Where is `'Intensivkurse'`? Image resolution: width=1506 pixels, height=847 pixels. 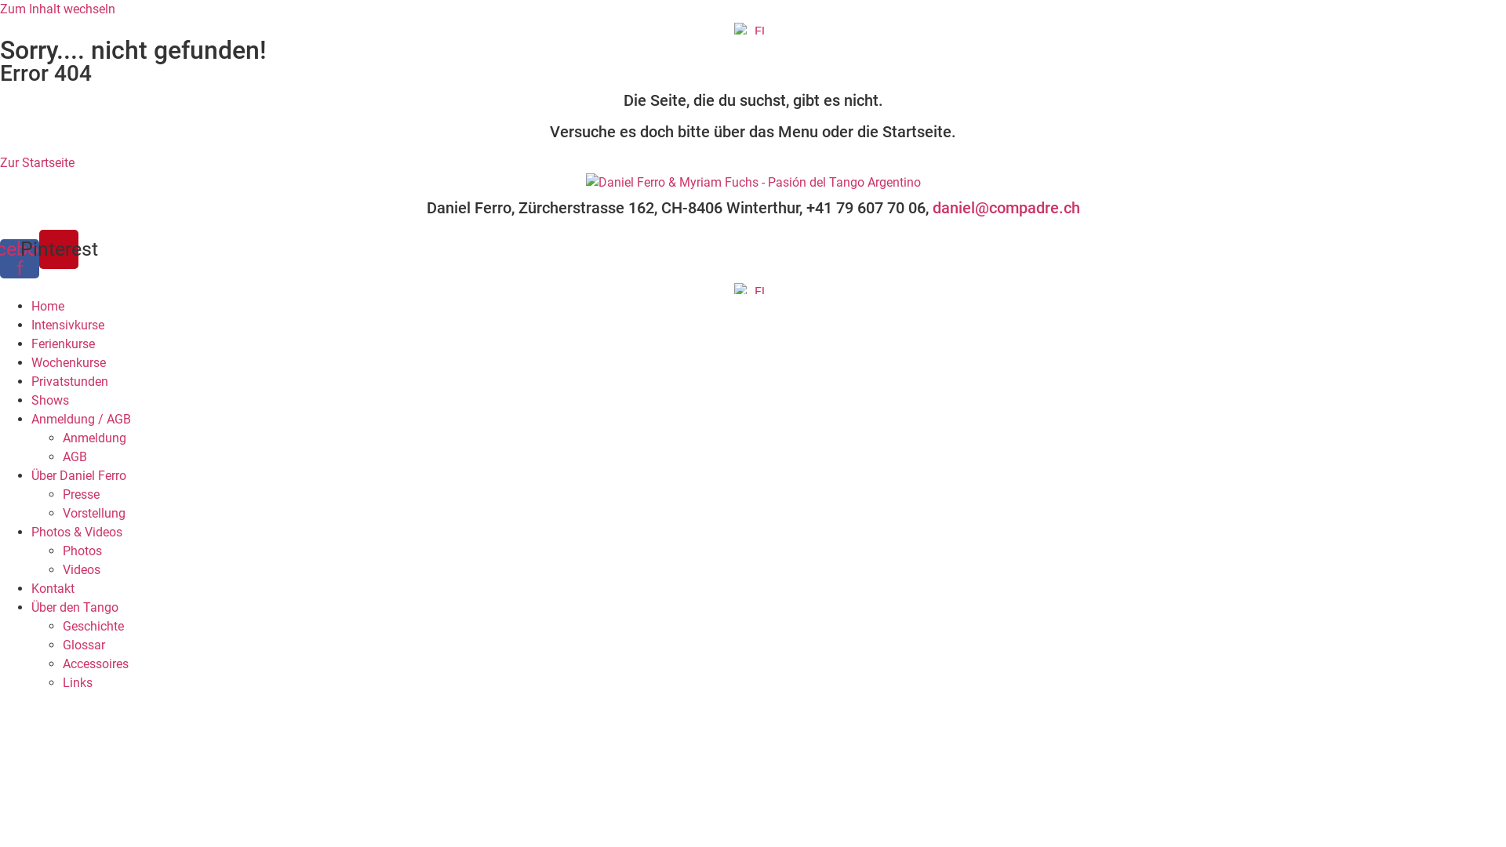
'Intensivkurse' is located at coordinates (67, 324).